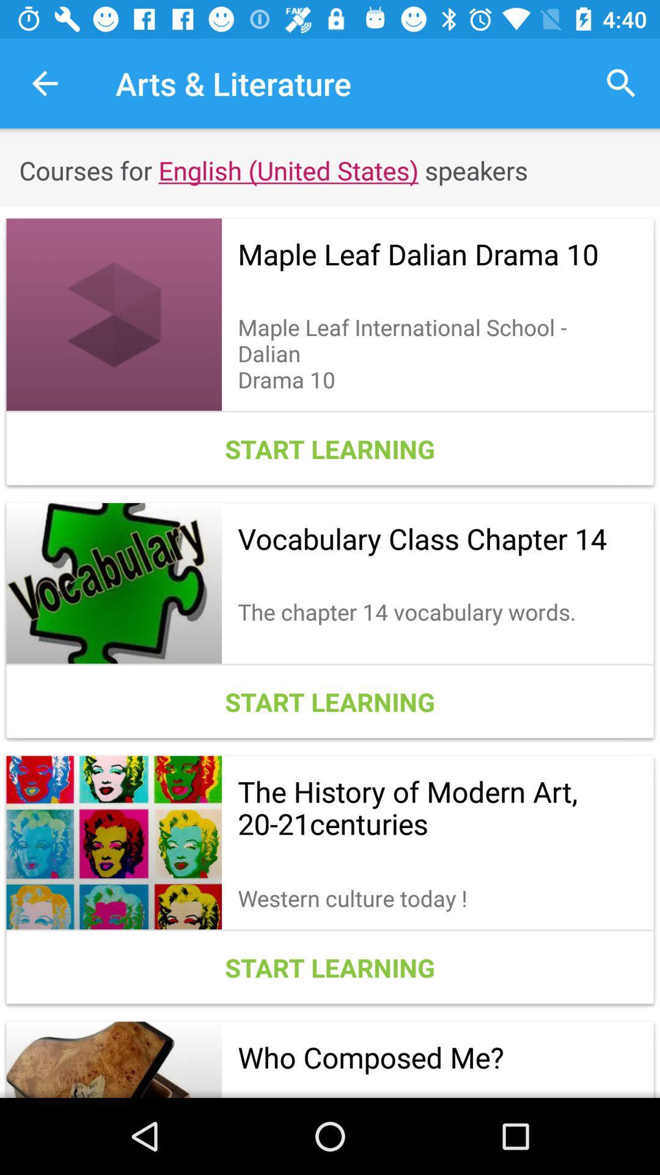 The image size is (660, 1175). What do you see at coordinates (621, 83) in the screenshot?
I see `the item next to the arts & literature item` at bounding box center [621, 83].